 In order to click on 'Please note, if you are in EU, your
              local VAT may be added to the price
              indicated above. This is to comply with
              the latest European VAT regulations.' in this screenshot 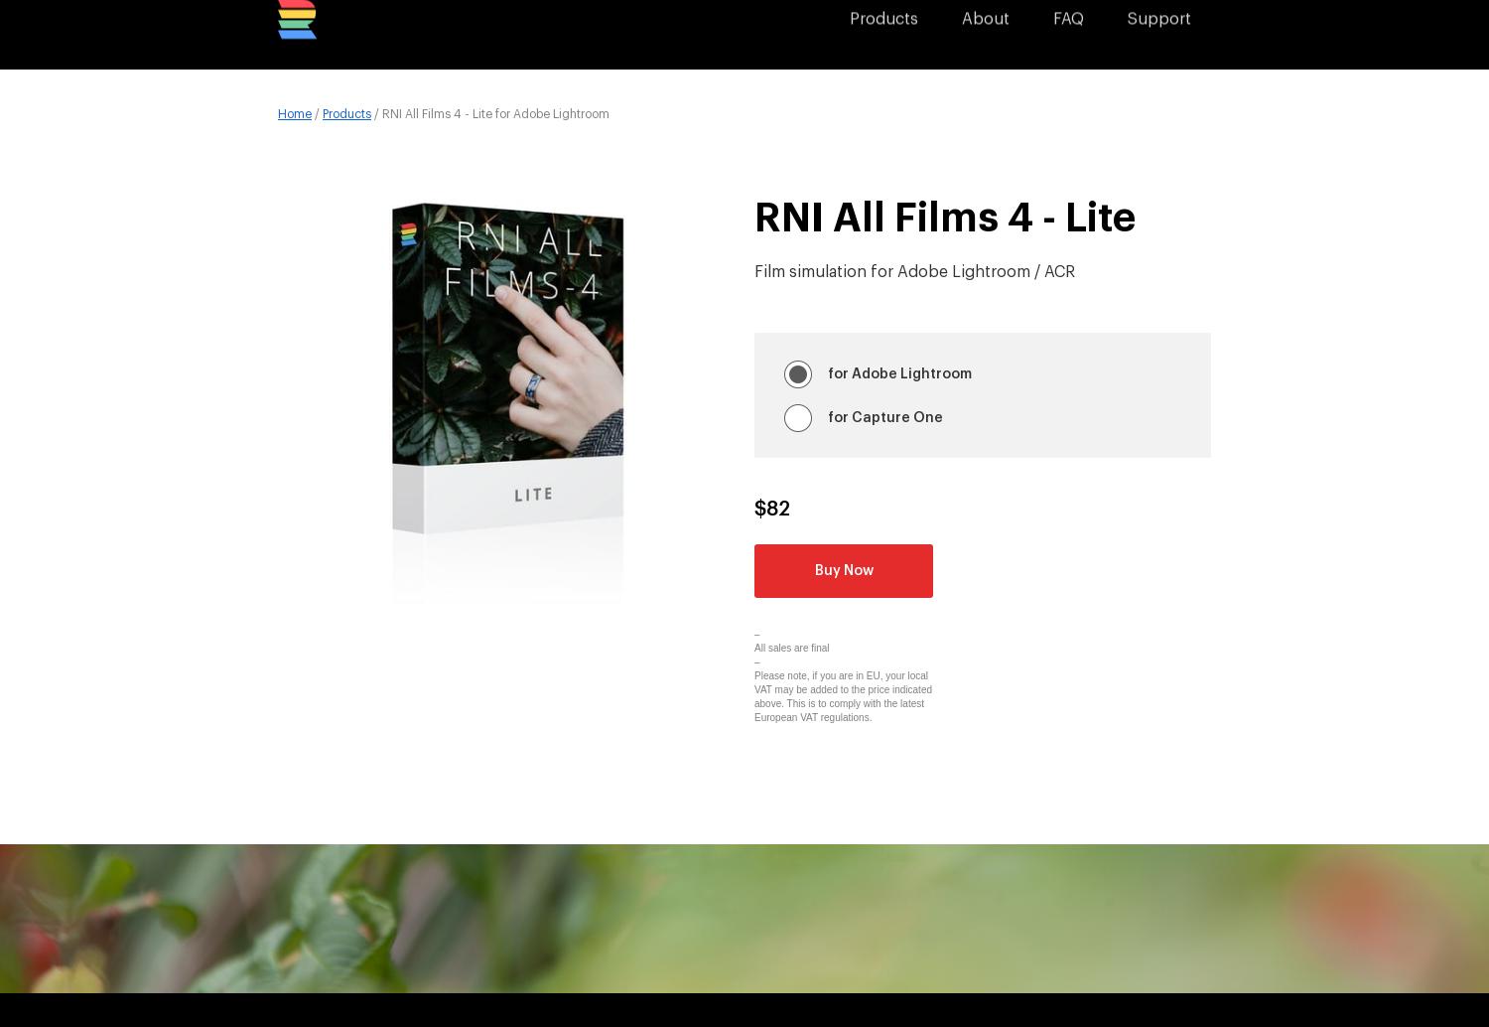, I will do `click(842, 696)`.